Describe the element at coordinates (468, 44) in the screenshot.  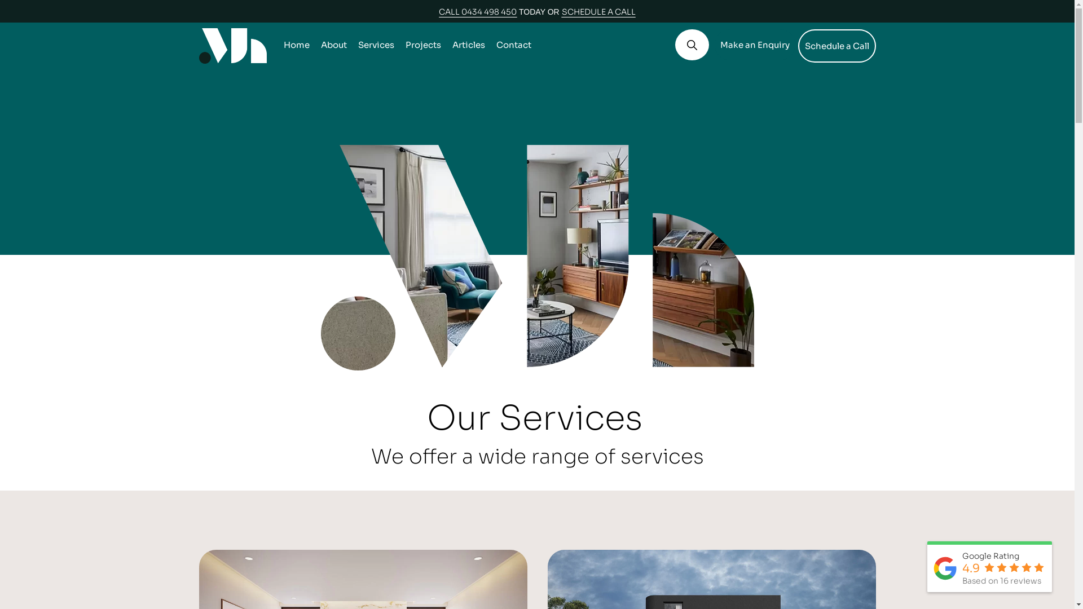
I see `'Articles'` at that location.